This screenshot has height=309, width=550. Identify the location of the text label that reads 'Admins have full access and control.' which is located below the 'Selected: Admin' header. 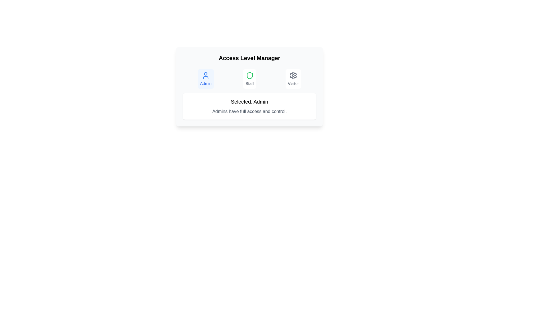
(249, 111).